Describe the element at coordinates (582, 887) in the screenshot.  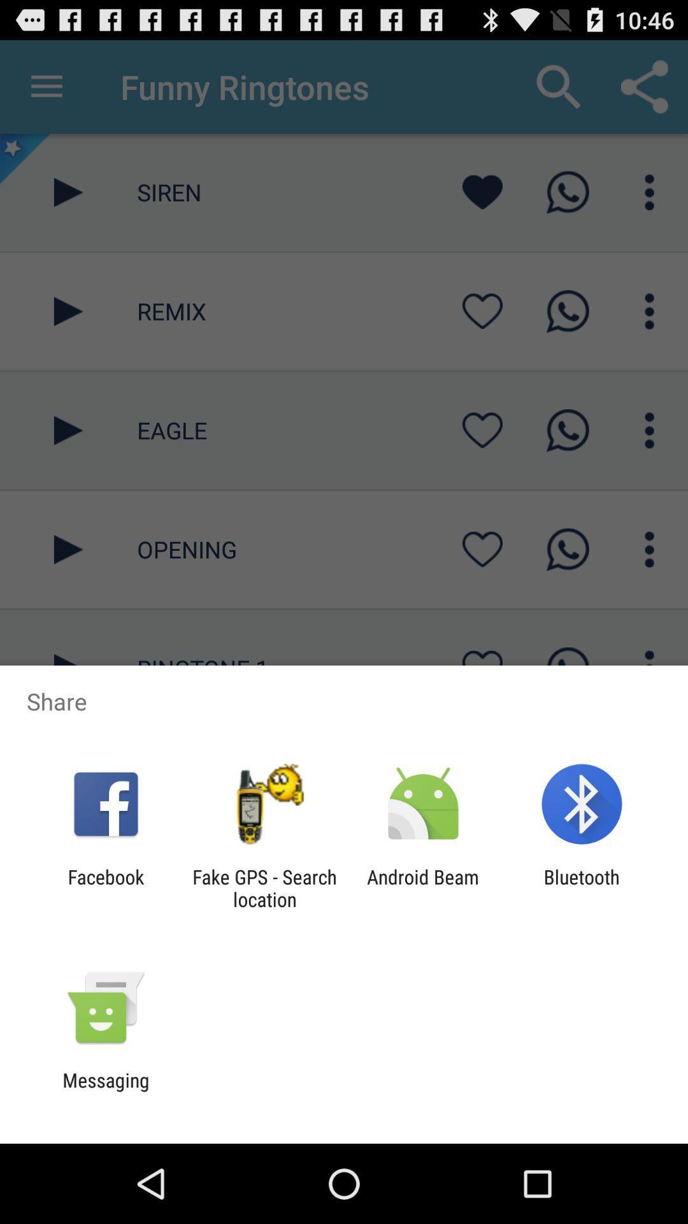
I see `bluetooth` at that location.